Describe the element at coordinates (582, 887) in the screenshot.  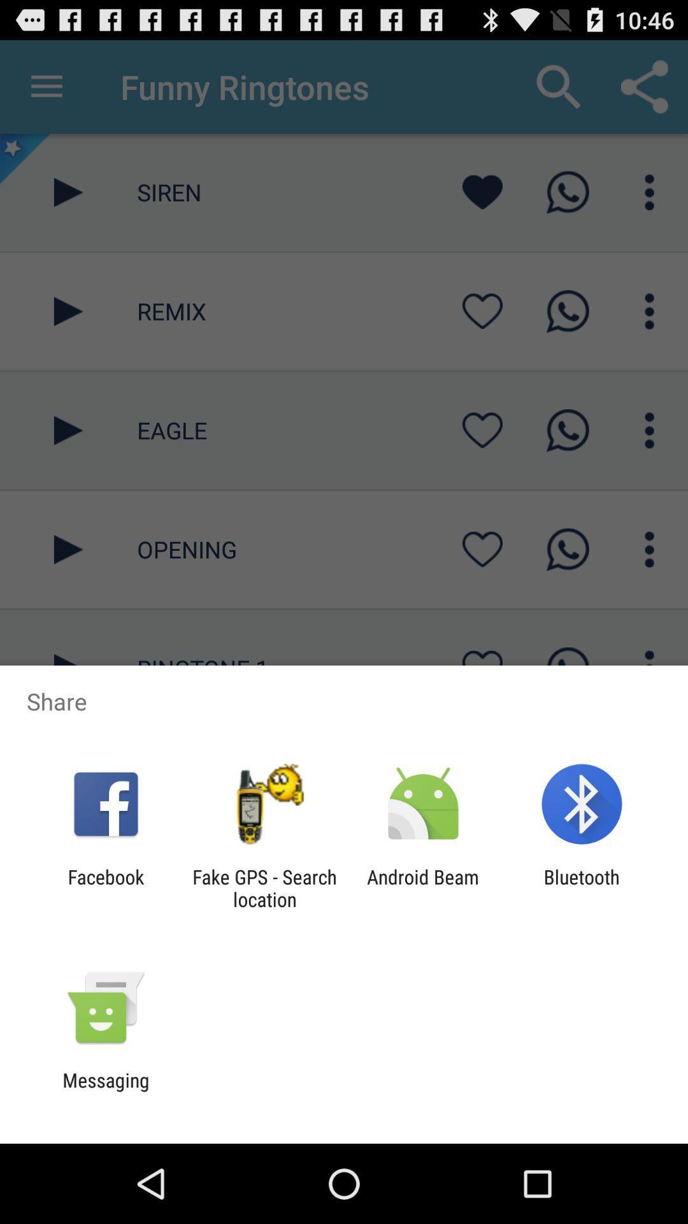
I see `bluetooth` at that location.